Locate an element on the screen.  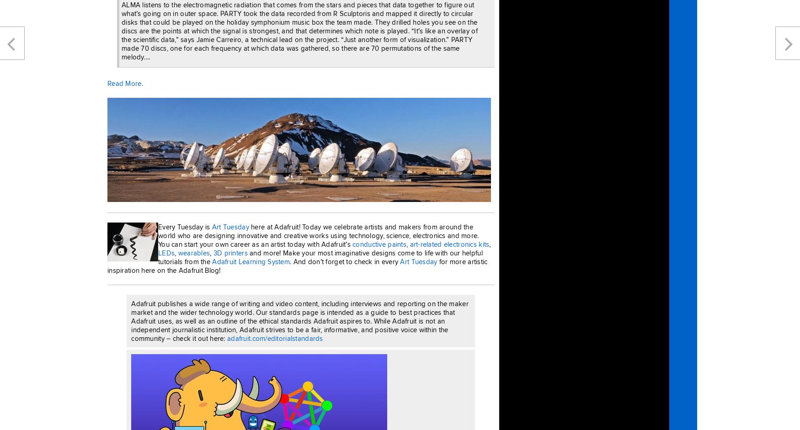
'Adafruit Learning System' is located at coordinates (250, 260).